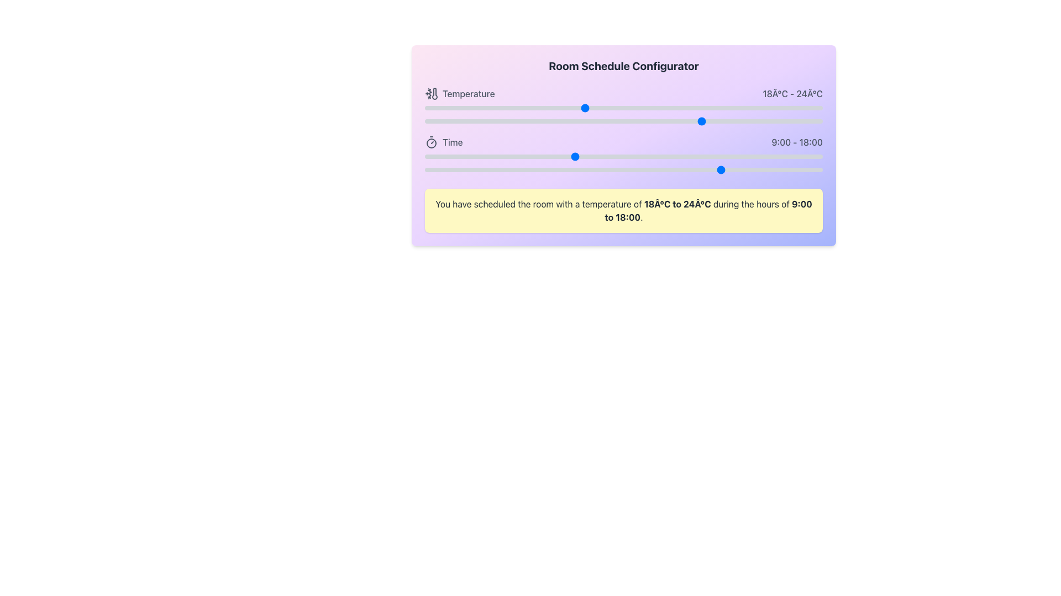 This screenshot has width=1061, height=596. I want to click on the Label that represents the time-related controls or outputs, positioned below the Temperature label and to the left of the time range displayed as '9:00 - 18:00', so click(444, 142).